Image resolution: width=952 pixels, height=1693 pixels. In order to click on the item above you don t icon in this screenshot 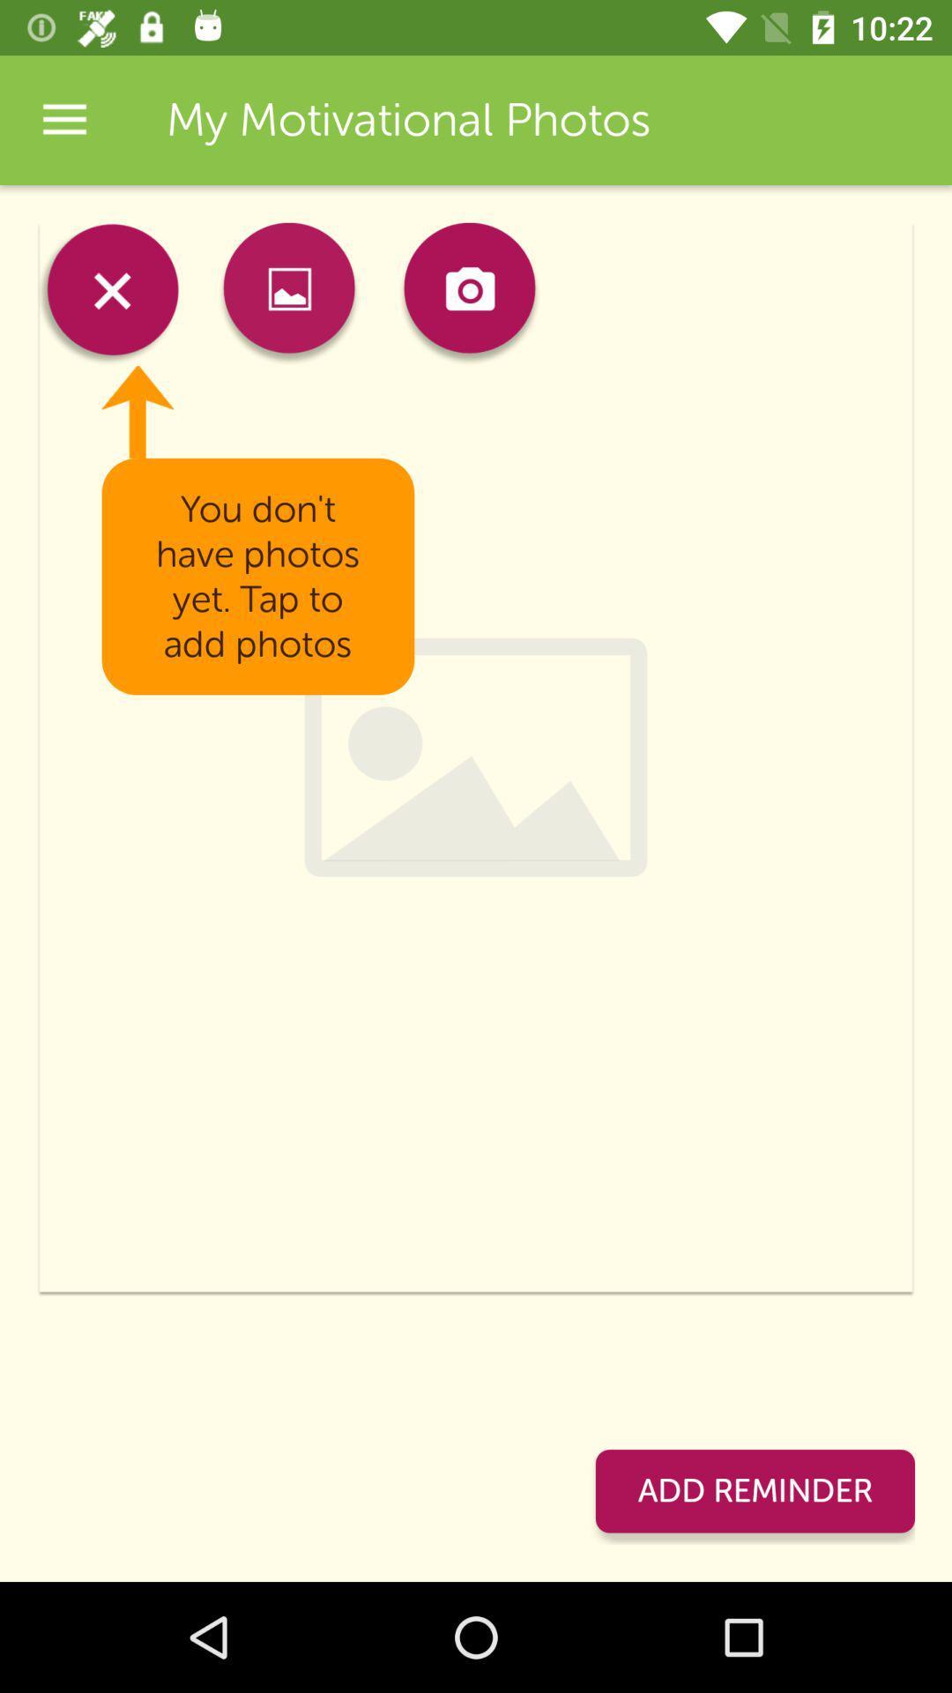, I will do `click(468, 294)`.